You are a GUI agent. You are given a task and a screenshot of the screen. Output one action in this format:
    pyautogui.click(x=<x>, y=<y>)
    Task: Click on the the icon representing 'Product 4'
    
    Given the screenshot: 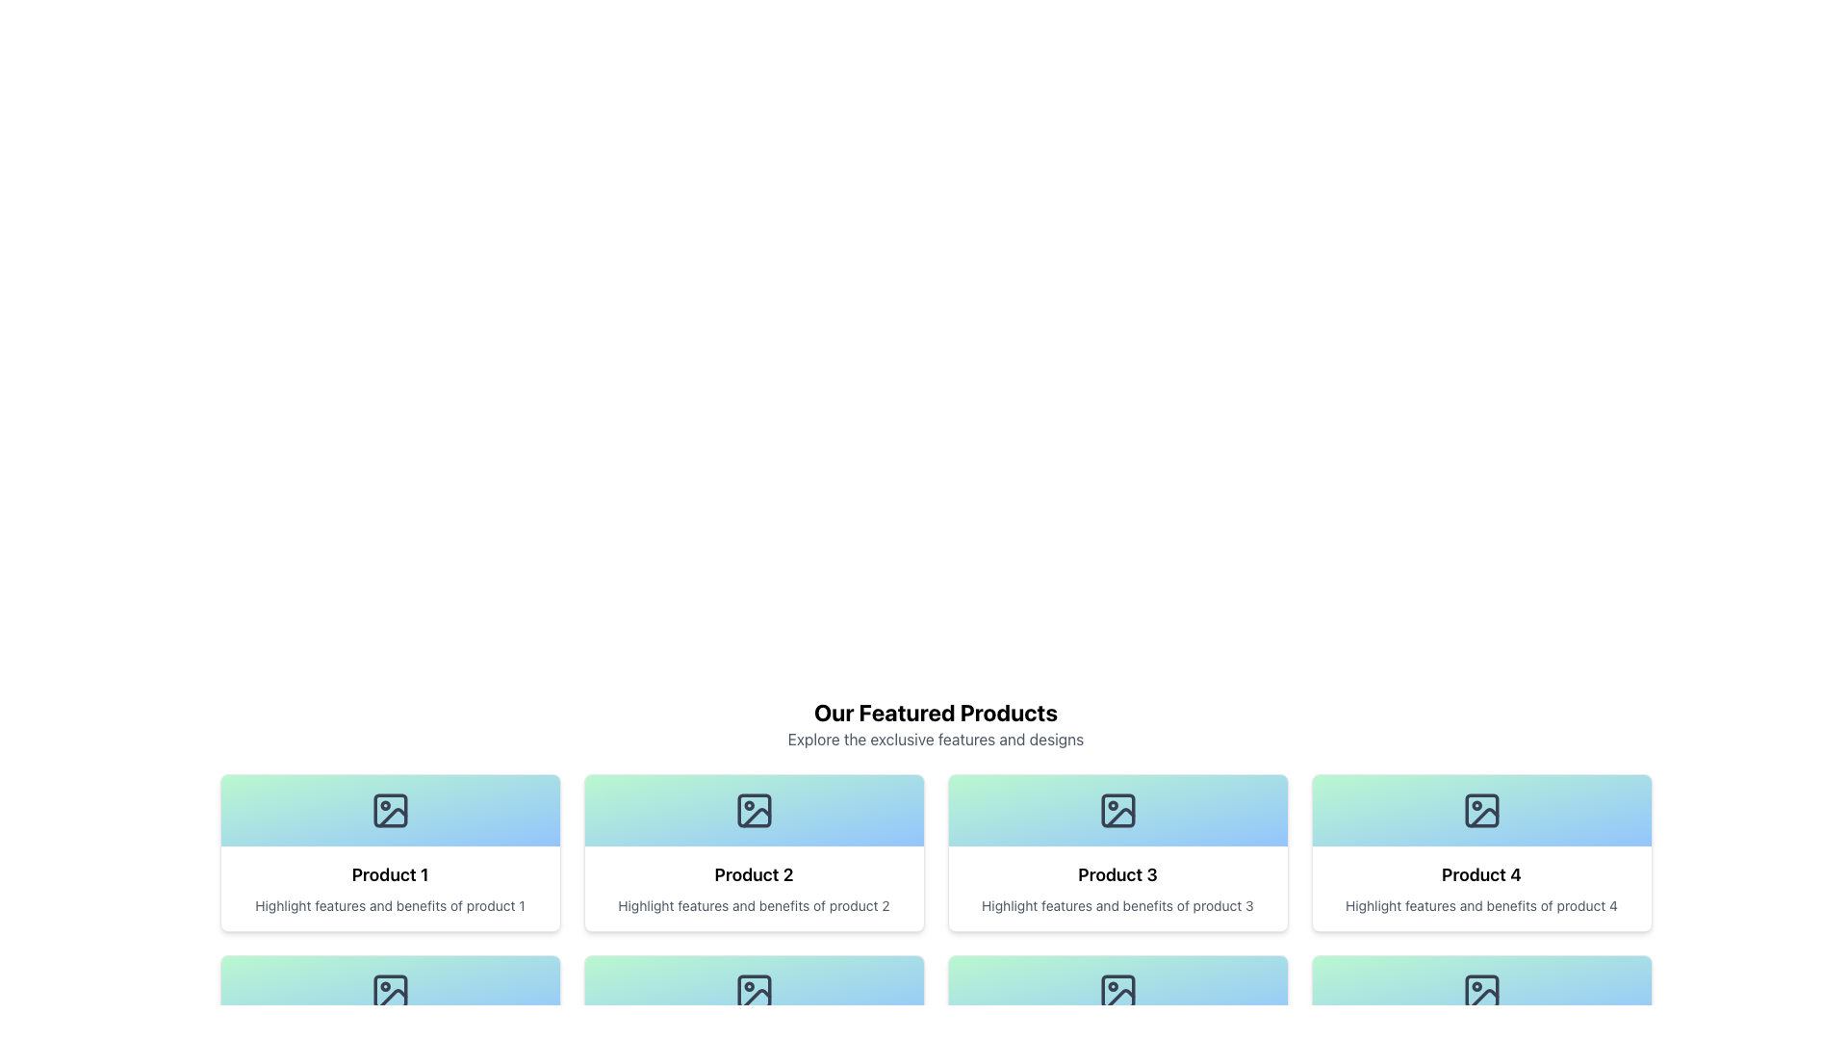 What is the action you would take?
    pyautogui.click(x=1480, y=810)
    